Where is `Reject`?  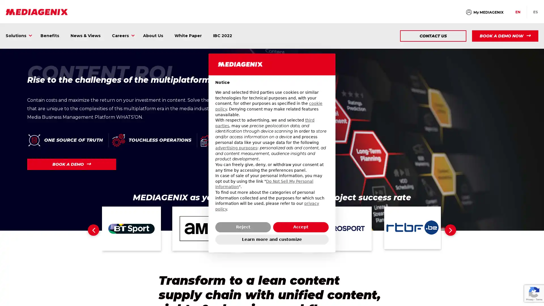
Reject is located at coordinates (243, 227).